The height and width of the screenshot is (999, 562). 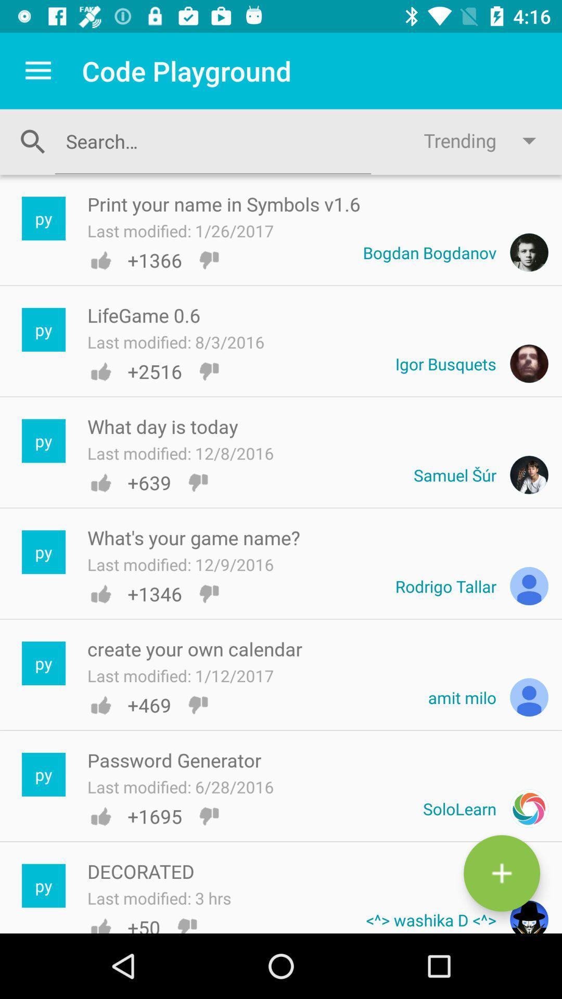 I want to click on a new post, so click(x=501, y=873).